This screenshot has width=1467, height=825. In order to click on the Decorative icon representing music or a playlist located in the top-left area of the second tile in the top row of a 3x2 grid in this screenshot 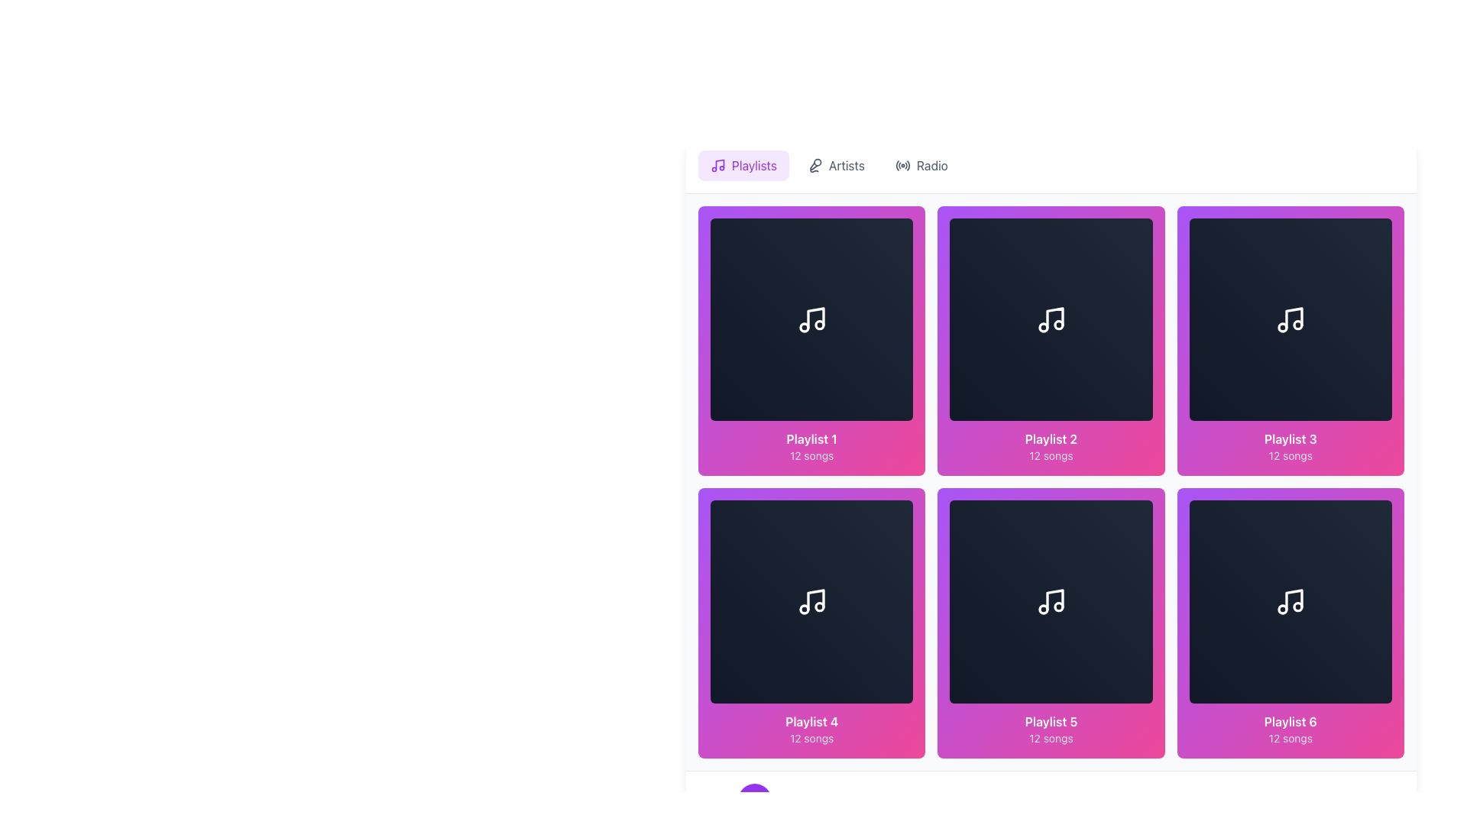, I will do `click(1054, 317)`.